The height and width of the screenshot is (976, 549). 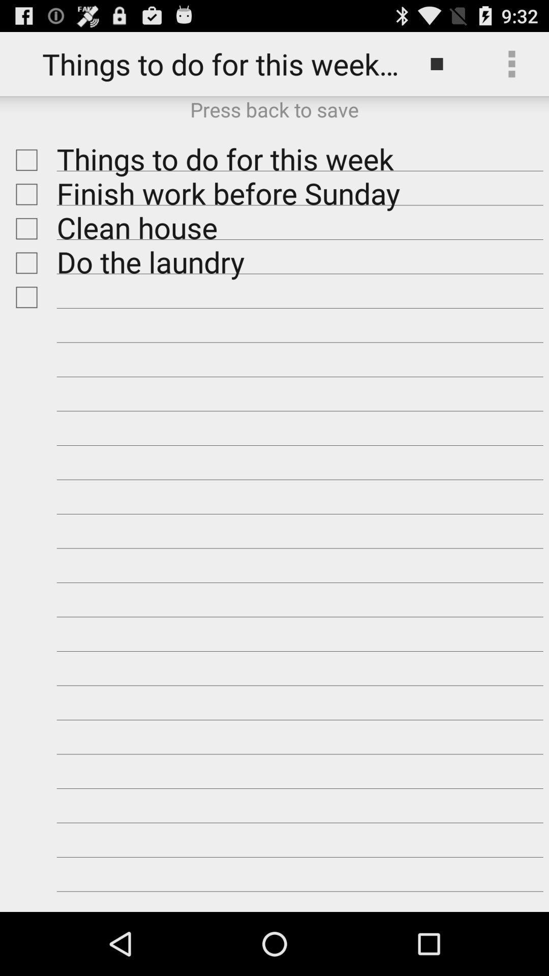 I want to click on check box, so click(x=23, y=263).